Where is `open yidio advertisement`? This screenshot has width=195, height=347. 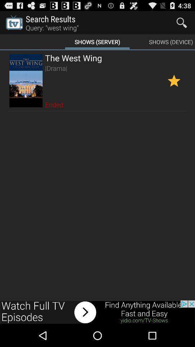 open yidio advertisement is located at coordinates (97, 312).